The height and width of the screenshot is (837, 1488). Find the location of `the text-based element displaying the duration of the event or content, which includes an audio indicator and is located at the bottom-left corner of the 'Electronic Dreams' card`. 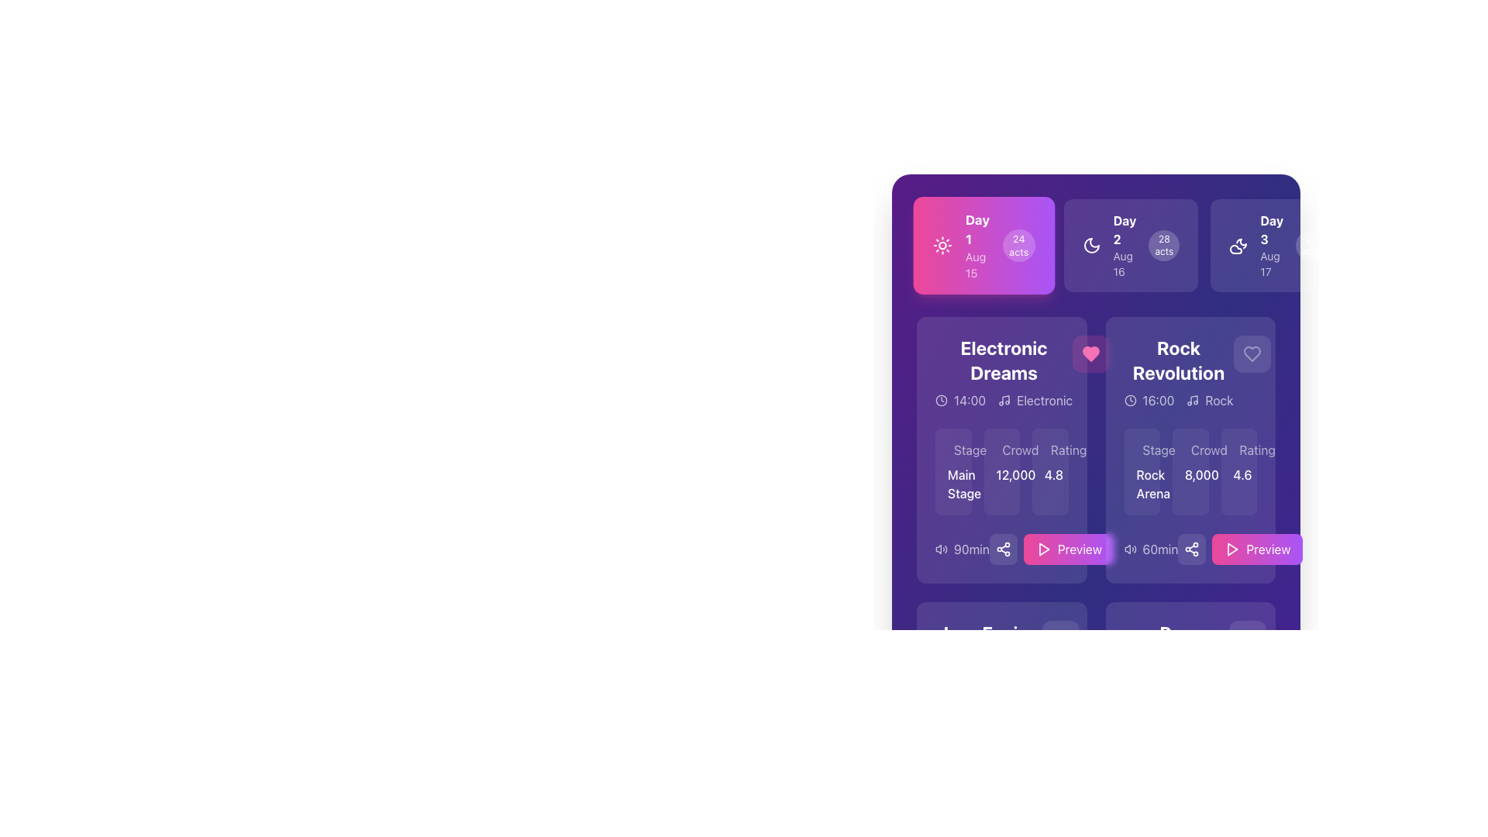

the text-based element displaying the duration of the event or content, which includes an audio indicator and is located at the bottom-left corner of the 'Electronic Dreams' card is located at coordinates (962, 549).